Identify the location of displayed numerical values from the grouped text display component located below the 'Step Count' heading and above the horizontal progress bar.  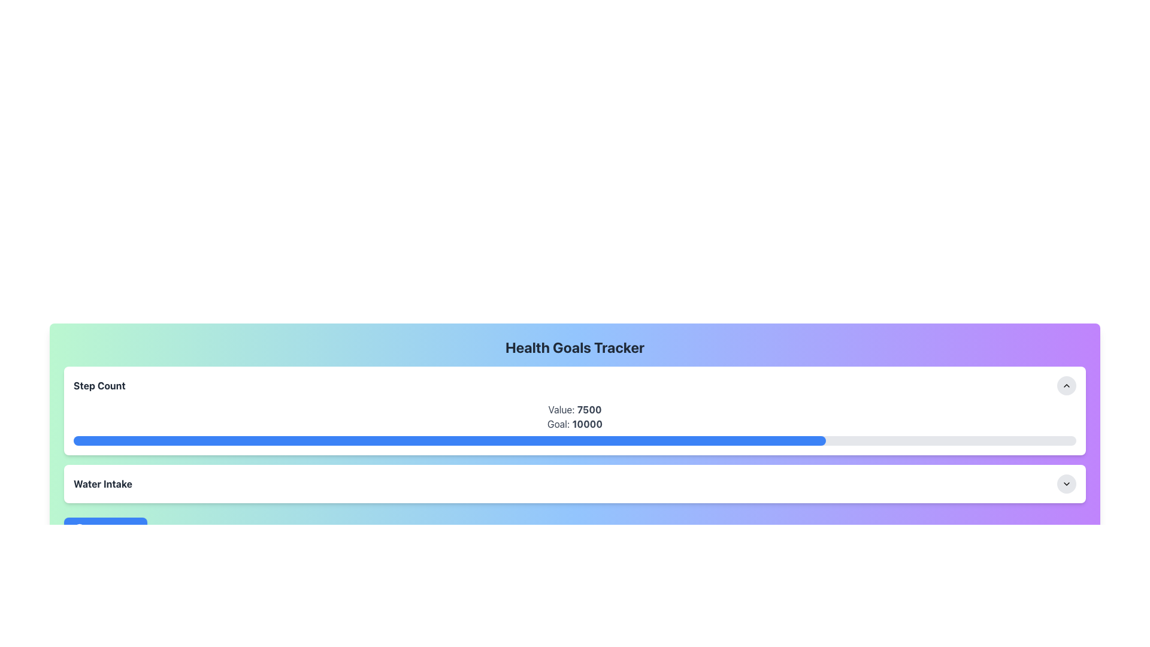
(575, 424).